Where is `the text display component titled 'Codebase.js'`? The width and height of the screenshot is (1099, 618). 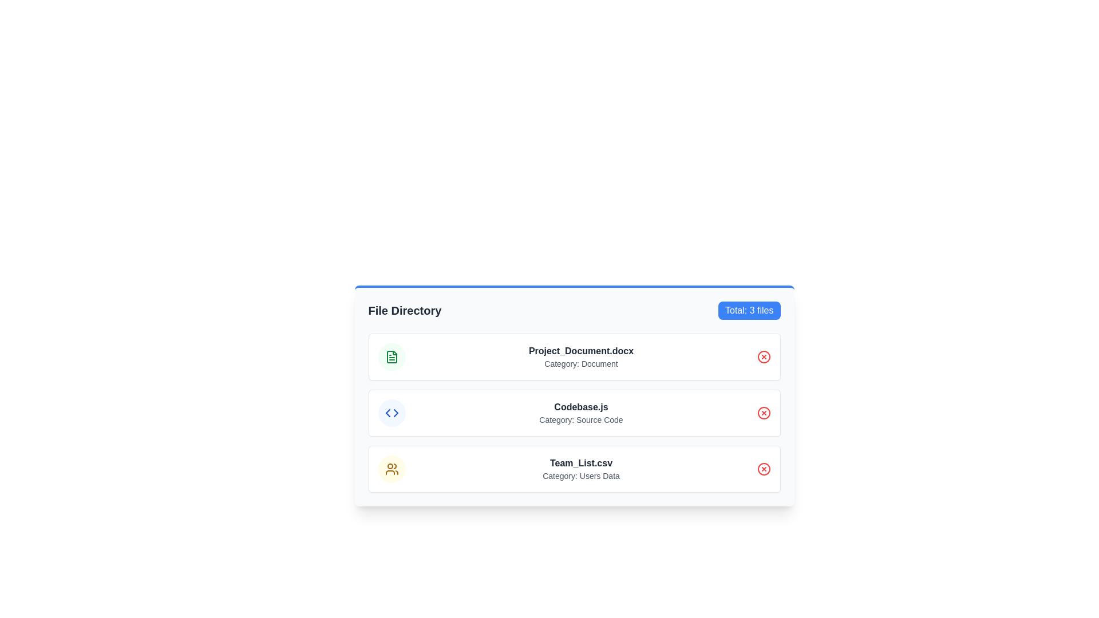
the text display component titled 'Codebase.js' is located at coordinates (581, 413).